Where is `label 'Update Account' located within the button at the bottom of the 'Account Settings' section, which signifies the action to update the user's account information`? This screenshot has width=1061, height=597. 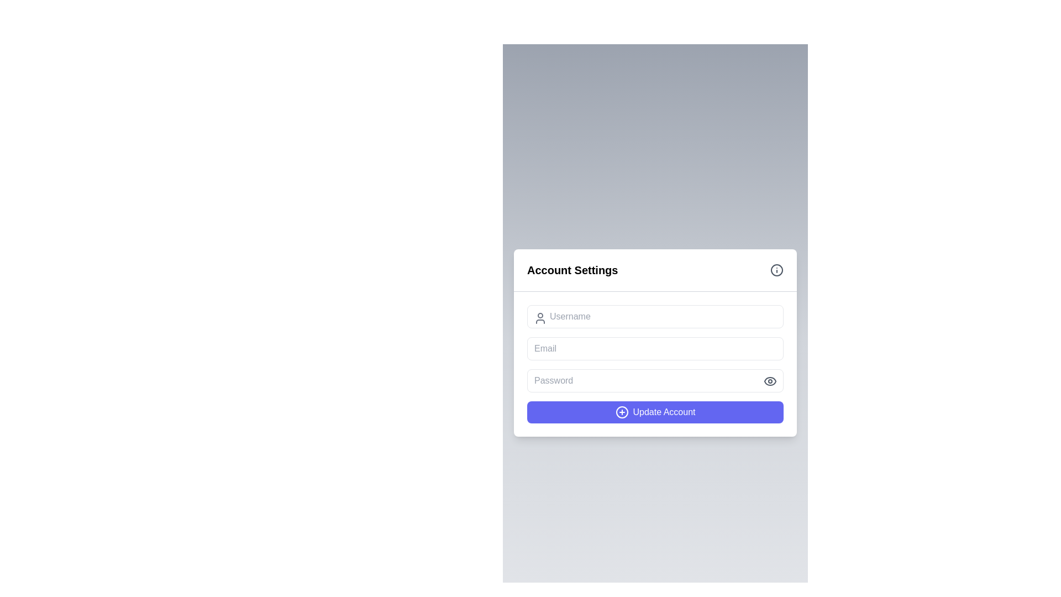
label 'Update Account' located within the button at the bottom of the 'Account Settings' section, which signifies the action to update the user's account information is located at coordinates (663, 411).